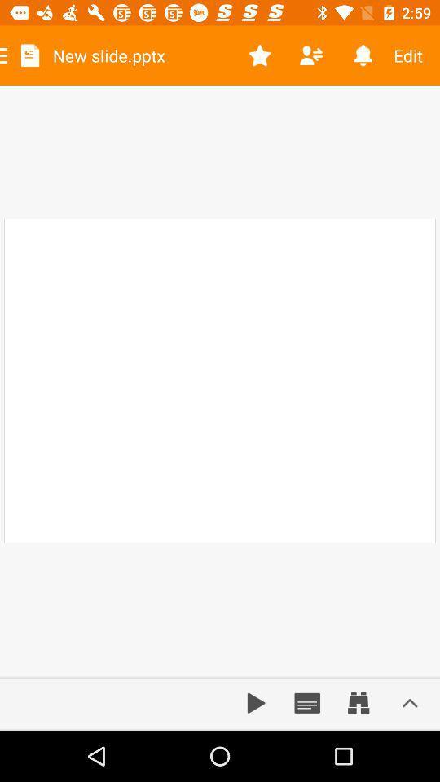 This screenshot has width=440, height=782. I want to click on contact, so click(311, 55).